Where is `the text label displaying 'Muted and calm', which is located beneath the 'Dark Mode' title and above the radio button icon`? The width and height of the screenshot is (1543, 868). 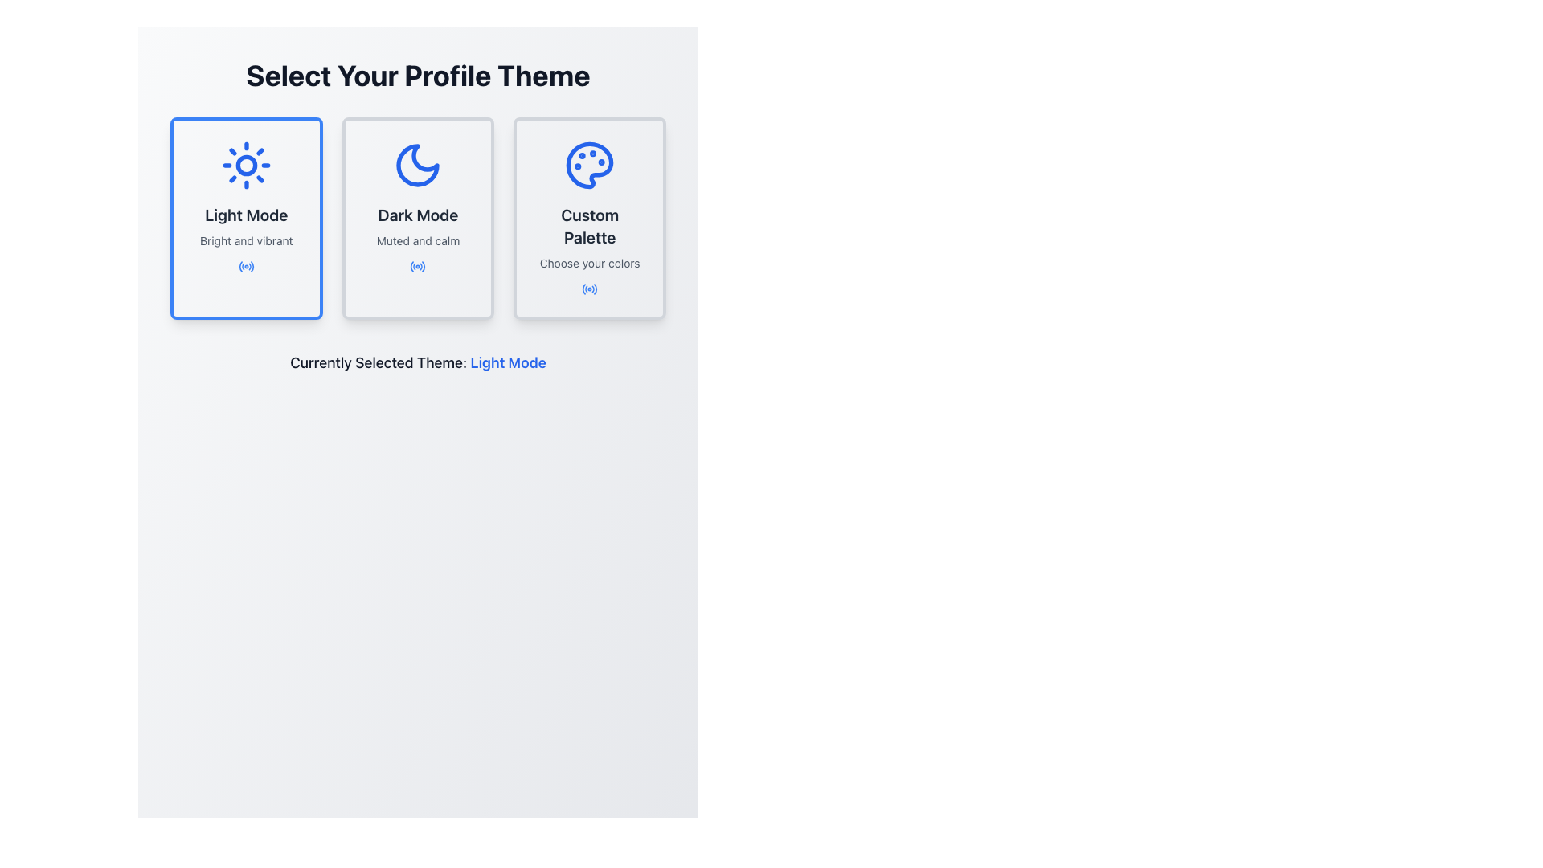 the text label displaying 'Muted and calm', which is located beneath the 'Dark Mode' title and above the radio button icon is located at coordinates (418, 241).